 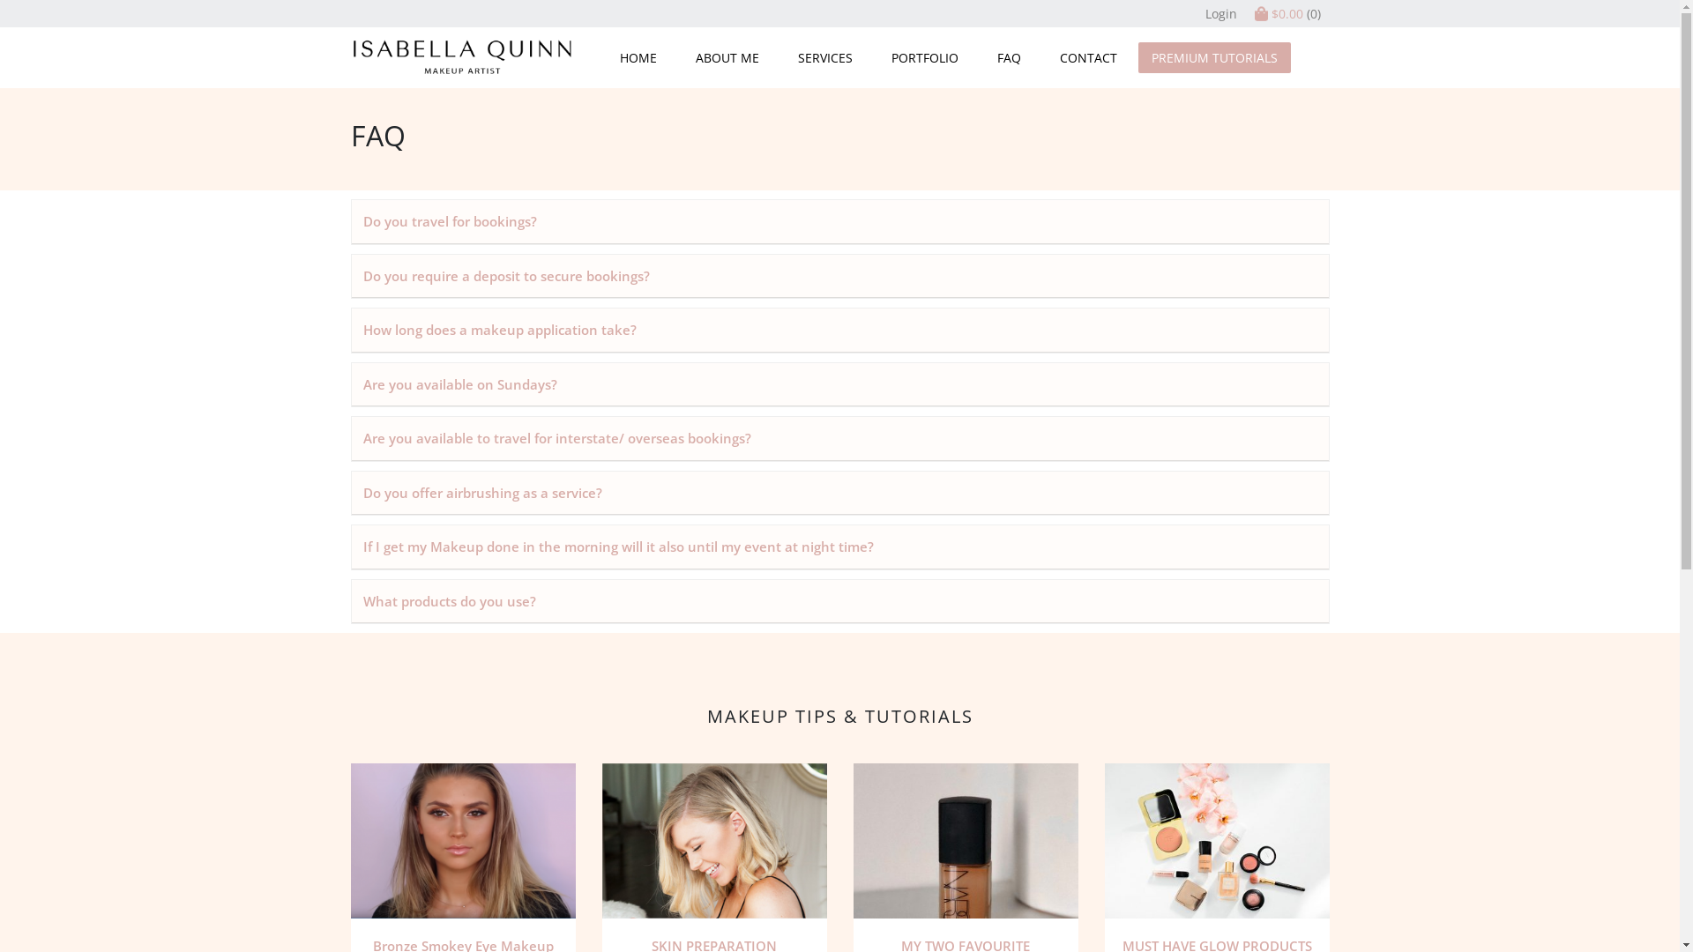 I want to click on '$0.00 (0)', so click(x=1287, y=13).